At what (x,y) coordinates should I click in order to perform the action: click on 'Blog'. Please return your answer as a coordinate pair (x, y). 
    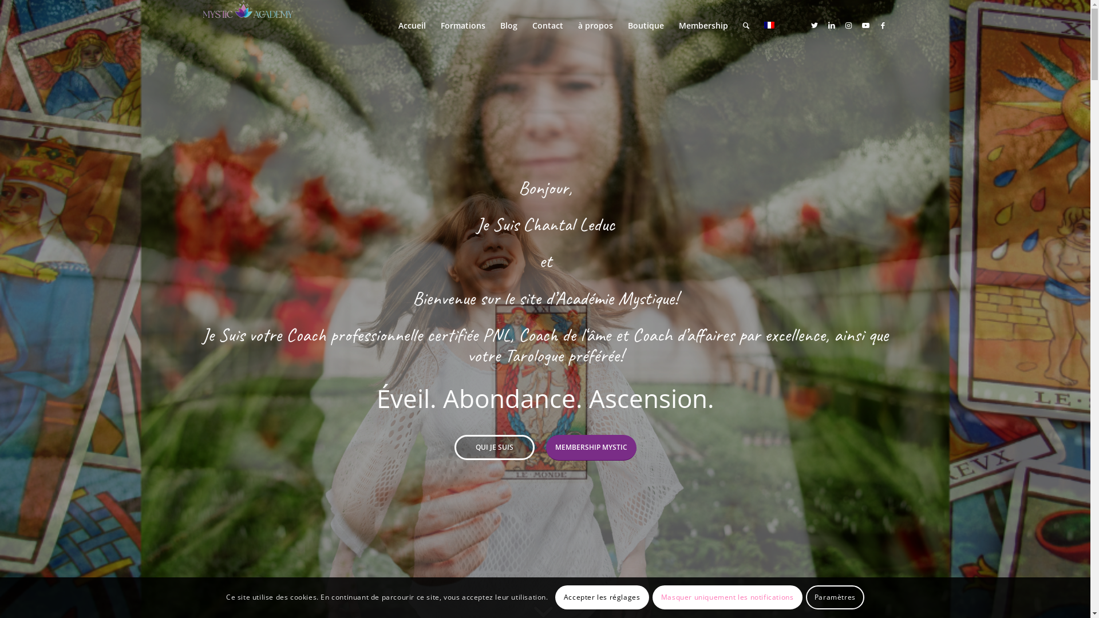
    Looking at the image, I should click on (508, 26).